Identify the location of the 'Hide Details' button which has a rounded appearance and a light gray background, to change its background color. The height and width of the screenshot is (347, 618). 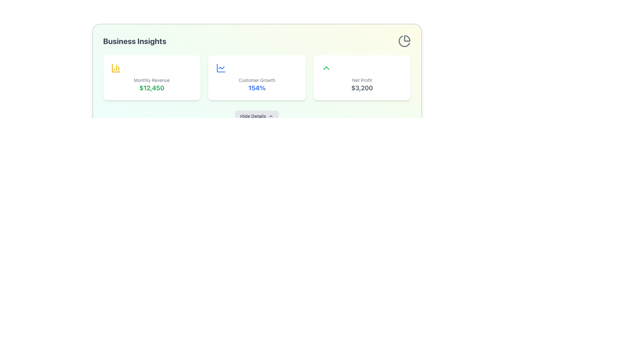
(257, 116).